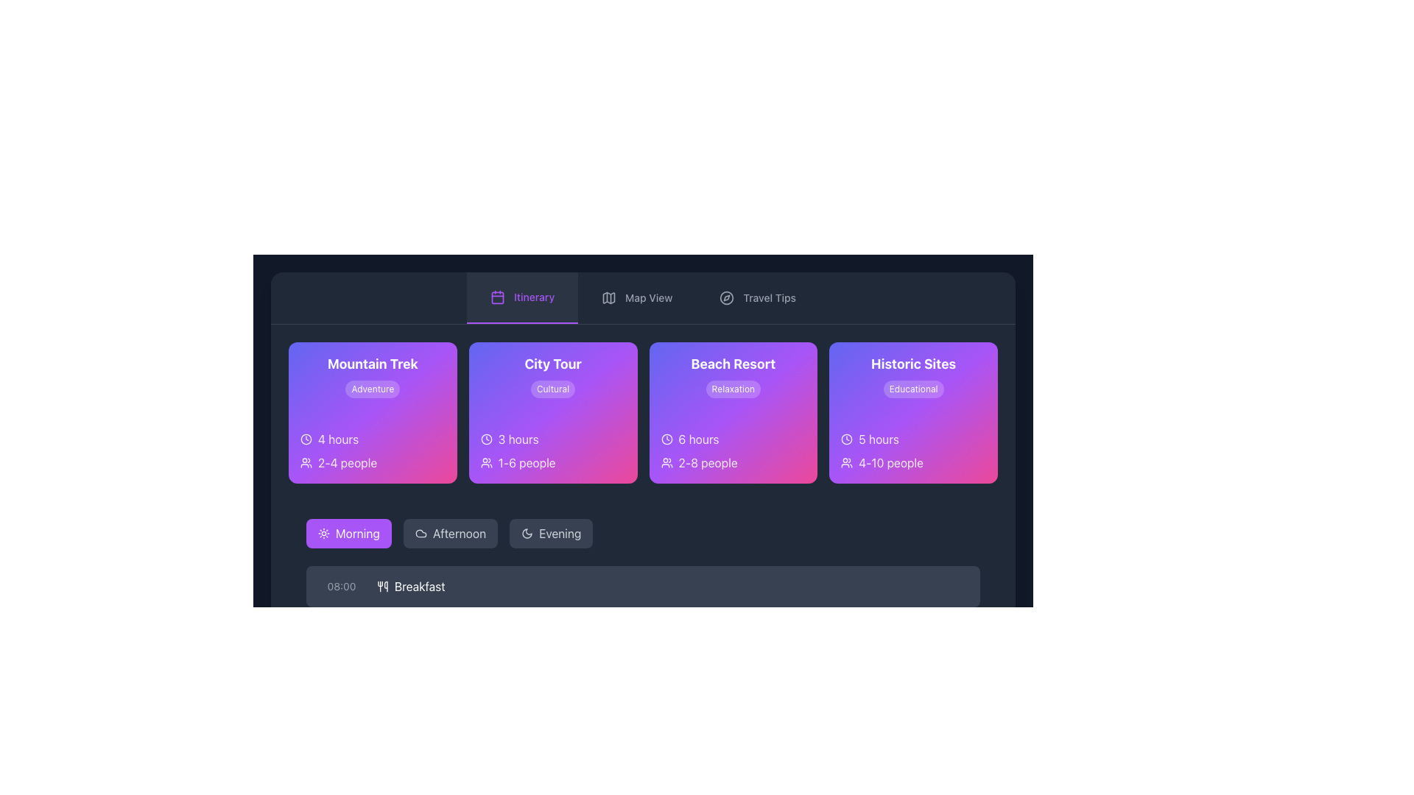 The width and height of the screenshot is (1414, 795). I want to click on the 'Evening' icon, which is the graphical representation on the left side of the 'Evening' button in the time selection feature, so click(527, 534).